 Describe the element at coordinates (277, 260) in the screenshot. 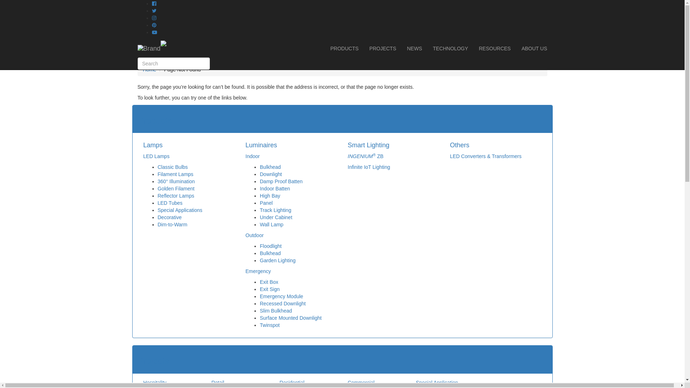

I see `'Garden Lighting'` at that location.